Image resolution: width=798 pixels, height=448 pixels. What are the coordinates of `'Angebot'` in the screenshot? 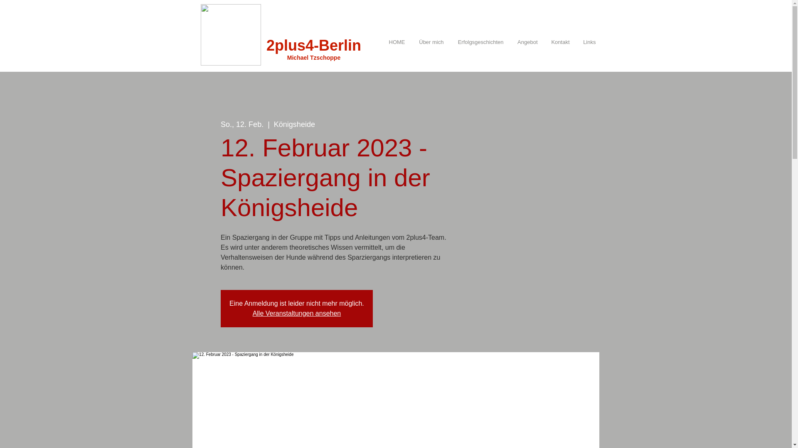 It's located at (507, 42).